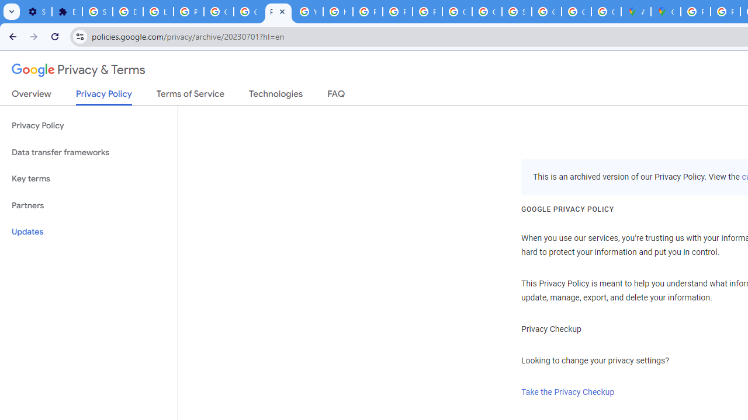 The height and width of the screenshot is (420, 748). Describe the element at coordinates (127, 12) in the screenshot. I see `'Delete photos & videos - Computer - Google Photos Help'` at that location.